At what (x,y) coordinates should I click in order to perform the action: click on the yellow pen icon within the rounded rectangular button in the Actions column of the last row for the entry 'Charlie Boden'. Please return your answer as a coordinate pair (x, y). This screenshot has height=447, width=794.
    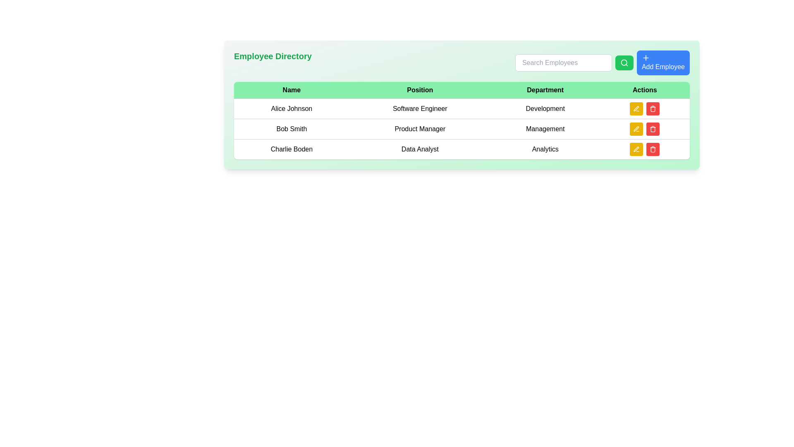
    Looking at the image, I should click on (636, 149).